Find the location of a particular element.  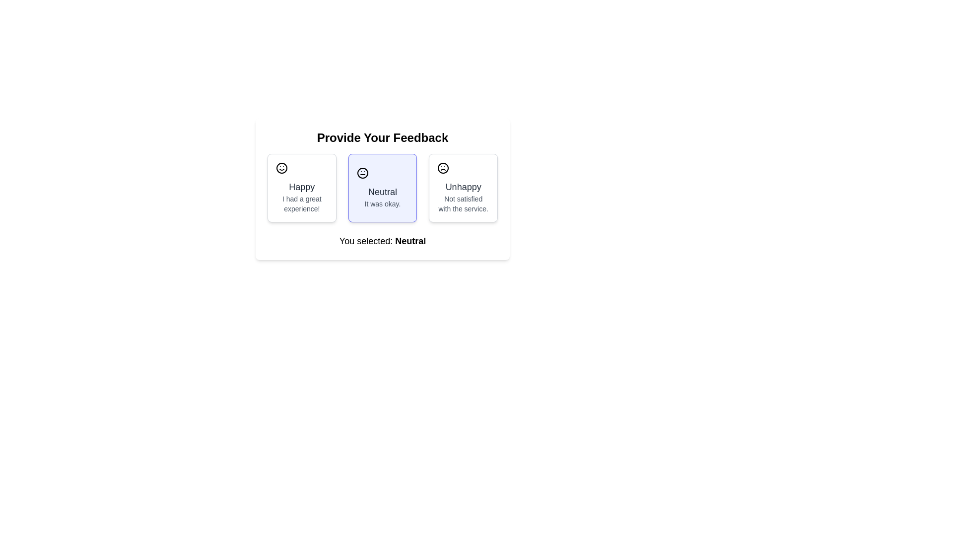

keyboard navigation is located at coordinates (382, 188).